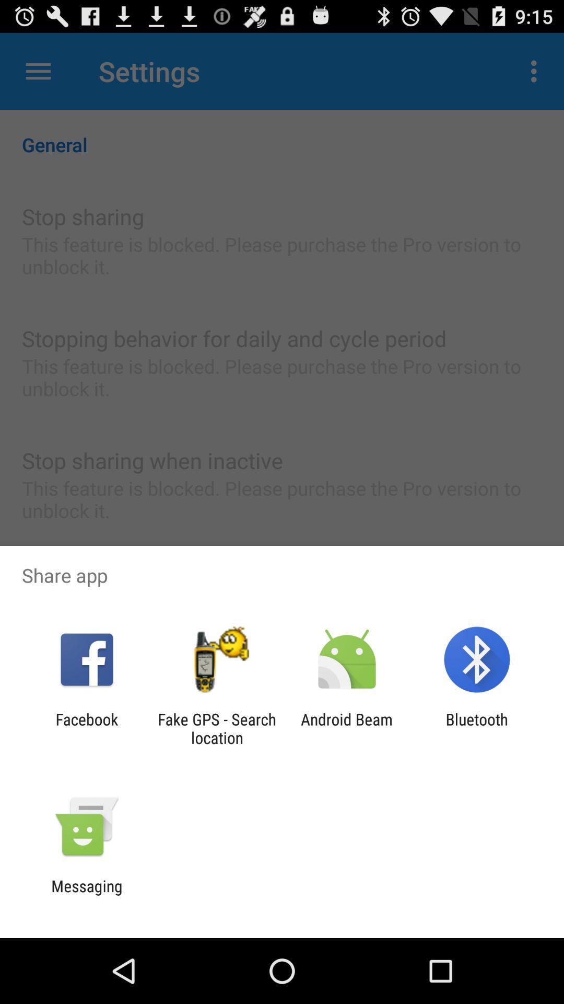 Image resolution: width=564 pixels, height=1004 pixels. Describe the element at coordinates (86, 895) in the screenshot. I see `the messaging` at that location.